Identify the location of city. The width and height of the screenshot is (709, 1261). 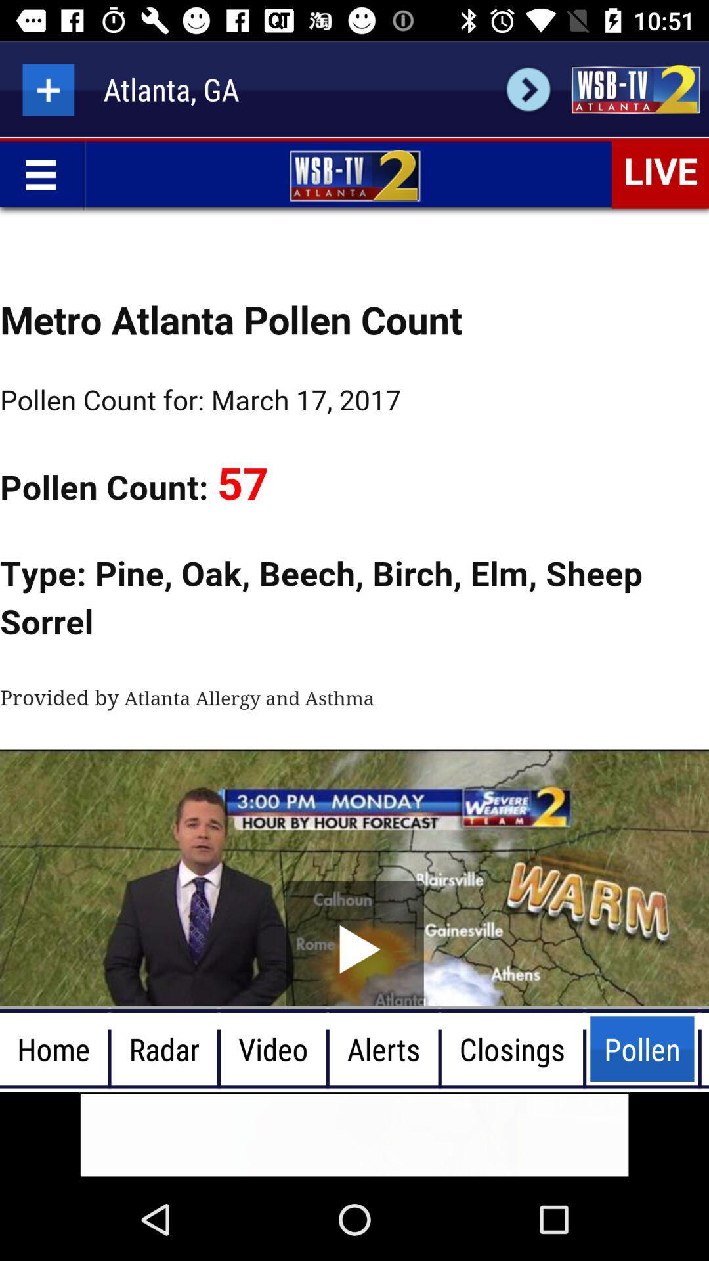
(47, 89).